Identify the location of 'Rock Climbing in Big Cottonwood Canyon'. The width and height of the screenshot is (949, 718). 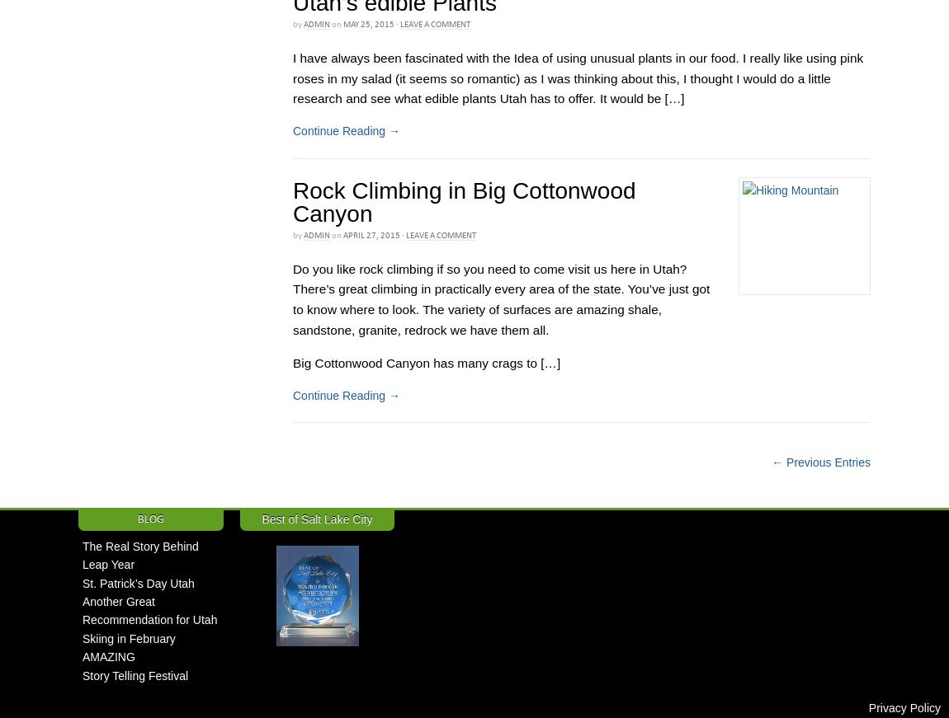
(464, 202).